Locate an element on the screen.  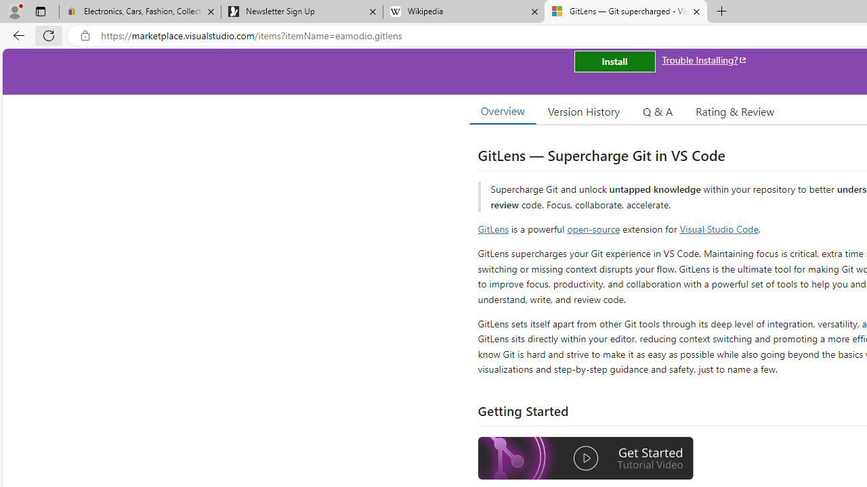
'Rating & Review' is located at coordinates (734, 110).